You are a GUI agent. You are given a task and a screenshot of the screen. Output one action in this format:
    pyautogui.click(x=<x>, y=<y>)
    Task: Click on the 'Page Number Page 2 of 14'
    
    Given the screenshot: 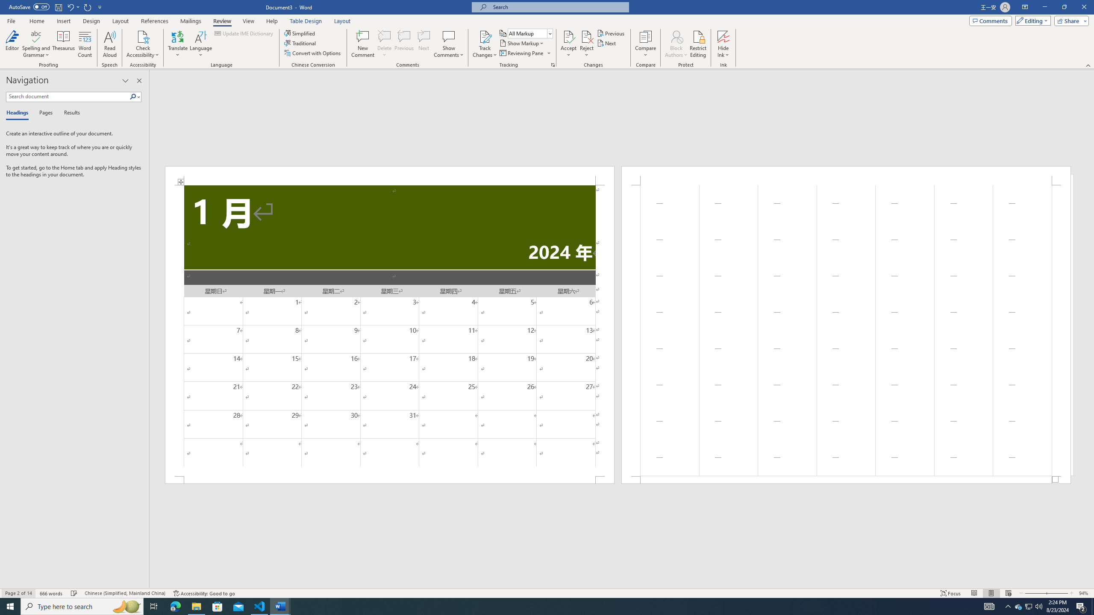 What is the action you would take?
    pyautogui.click(x=18, y=593)
    